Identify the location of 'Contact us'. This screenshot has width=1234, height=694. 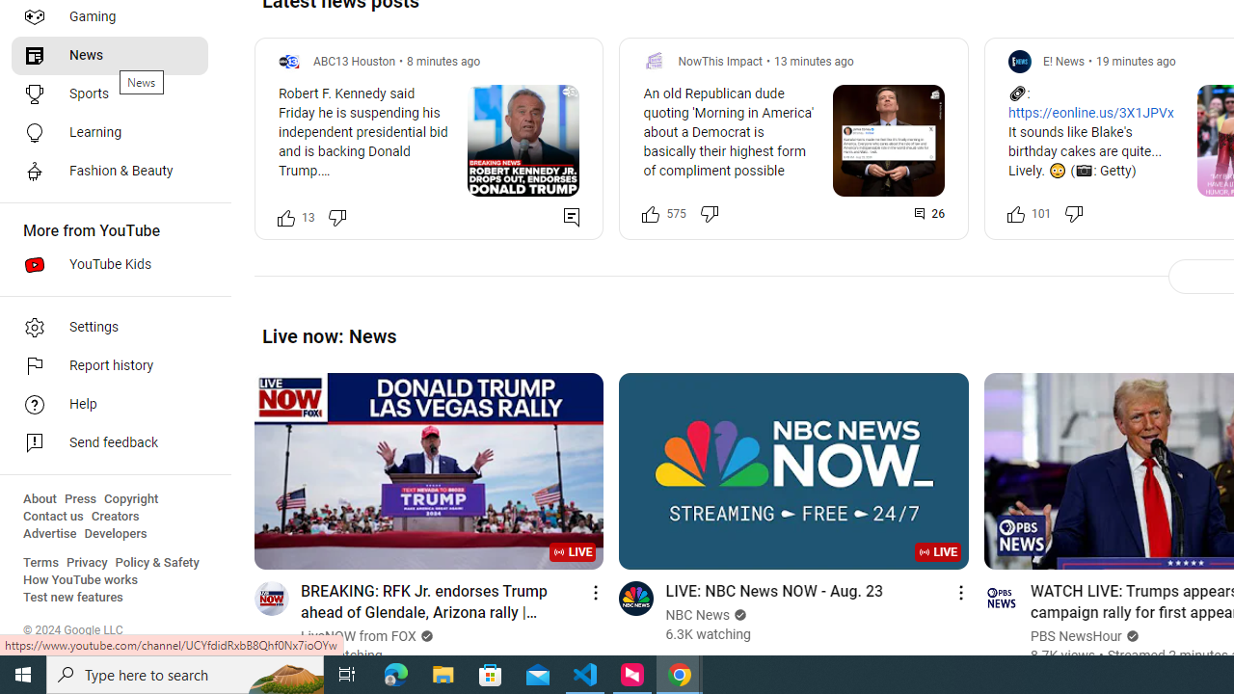
(53, 516).